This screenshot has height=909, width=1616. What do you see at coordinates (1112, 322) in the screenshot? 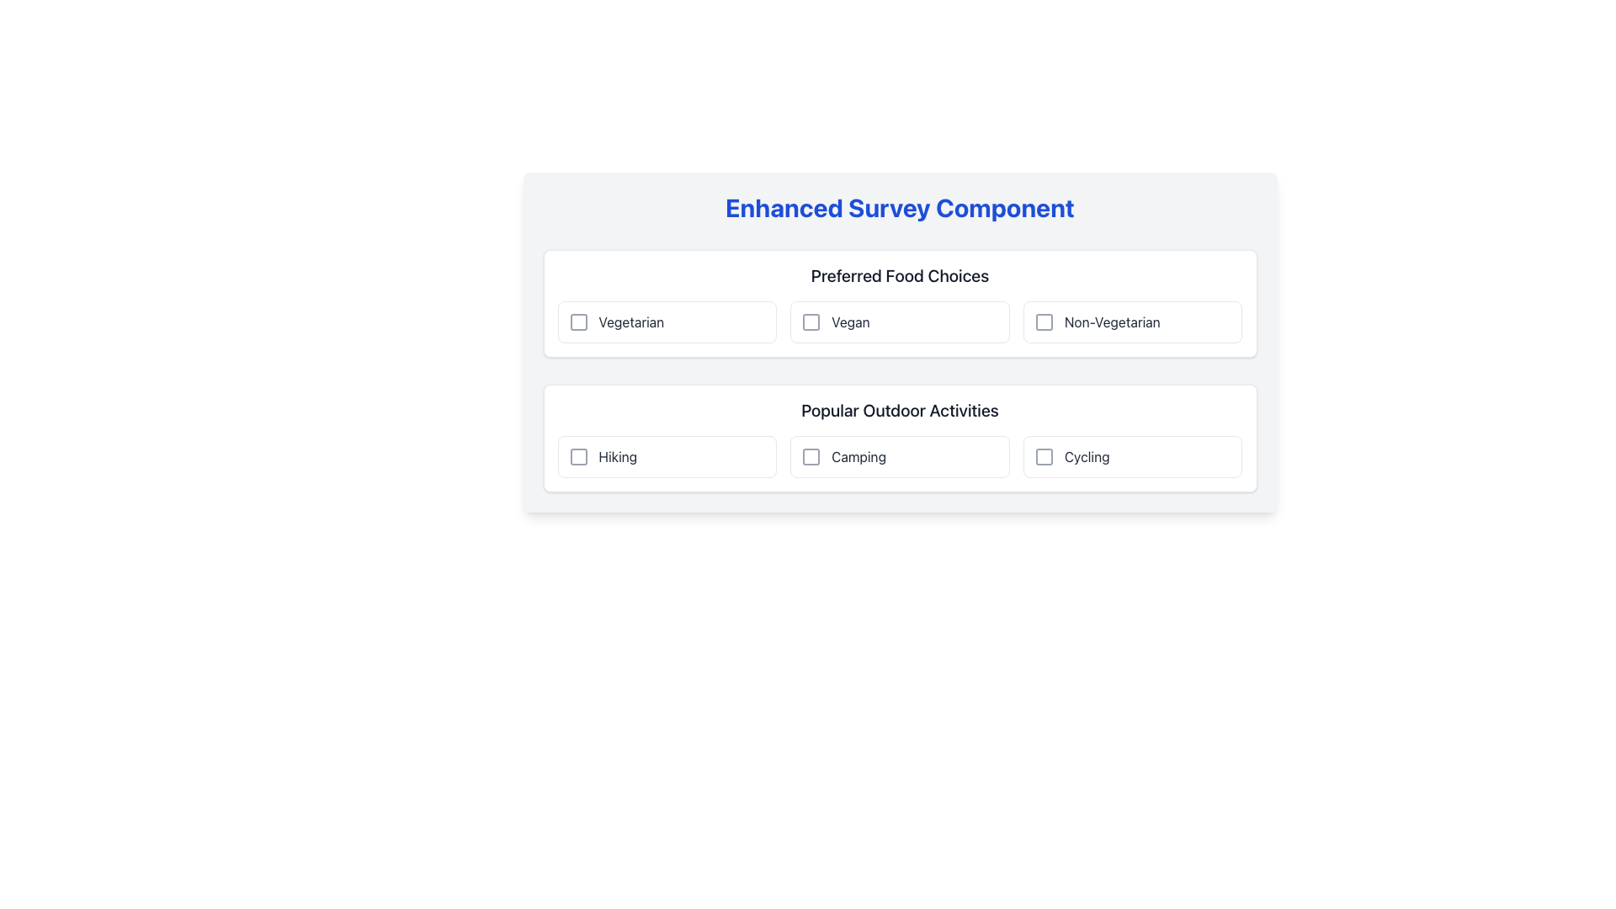
I see `the 'Non-Vegetarian' text label in the 'Preferred Food Choices' section of the survey interface` at bounding box center [1112, 322].